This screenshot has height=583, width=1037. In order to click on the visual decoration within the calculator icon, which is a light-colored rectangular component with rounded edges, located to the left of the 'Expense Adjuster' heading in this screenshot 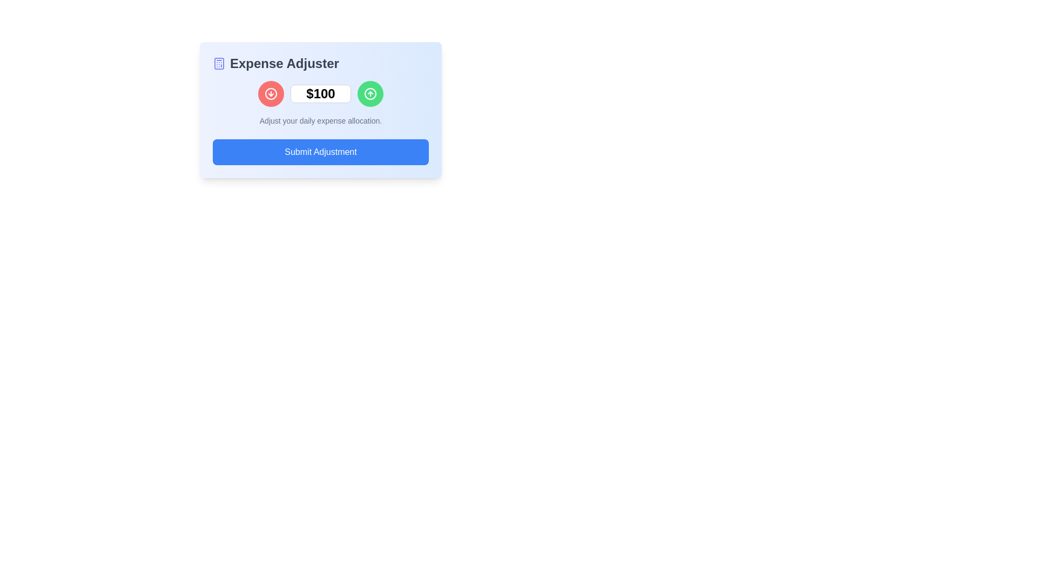, I will do `click(219, 64)`.